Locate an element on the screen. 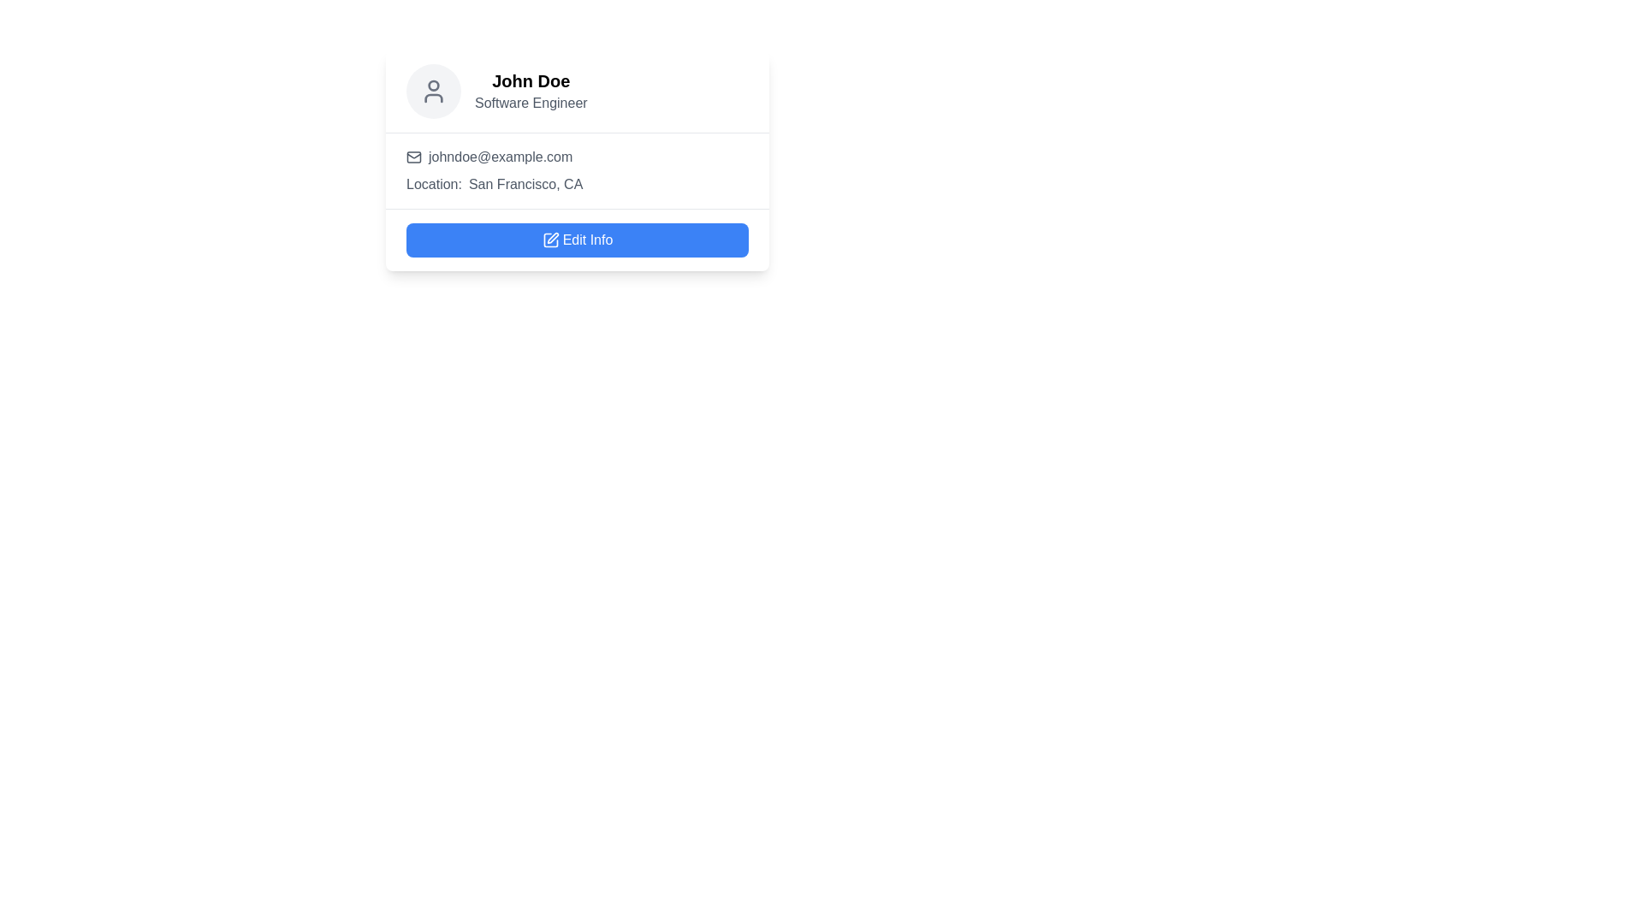  SVG Circle element that is part of the user avatar icon located at the top of the card interface is located at coordinates (434, 86).